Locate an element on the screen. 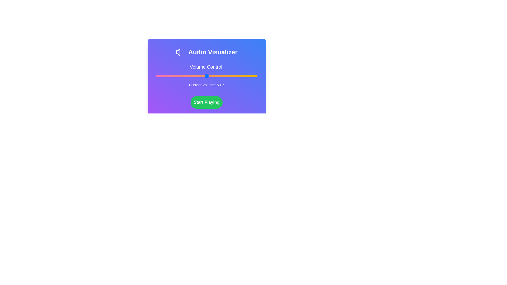  the volume level is located at coordinates (227, 76).